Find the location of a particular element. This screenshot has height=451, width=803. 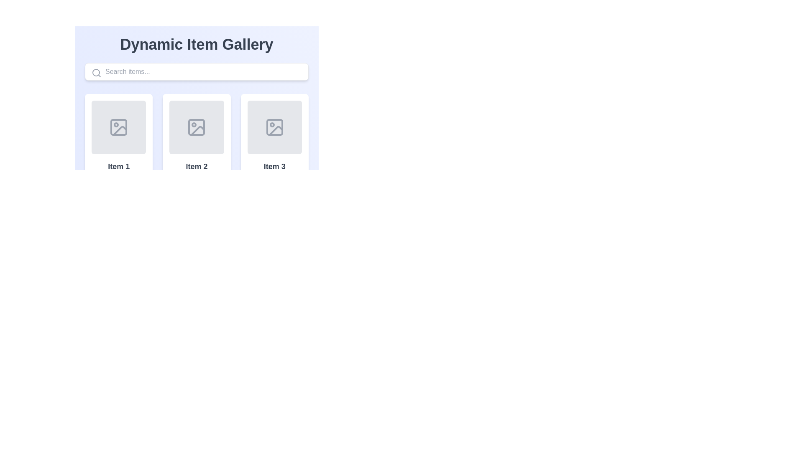

properties of the small SVG rectangle element located within the first item in the gallery, which is centered below the 'Dynamic Item Gallery' title is located at coordinates (118, 127).